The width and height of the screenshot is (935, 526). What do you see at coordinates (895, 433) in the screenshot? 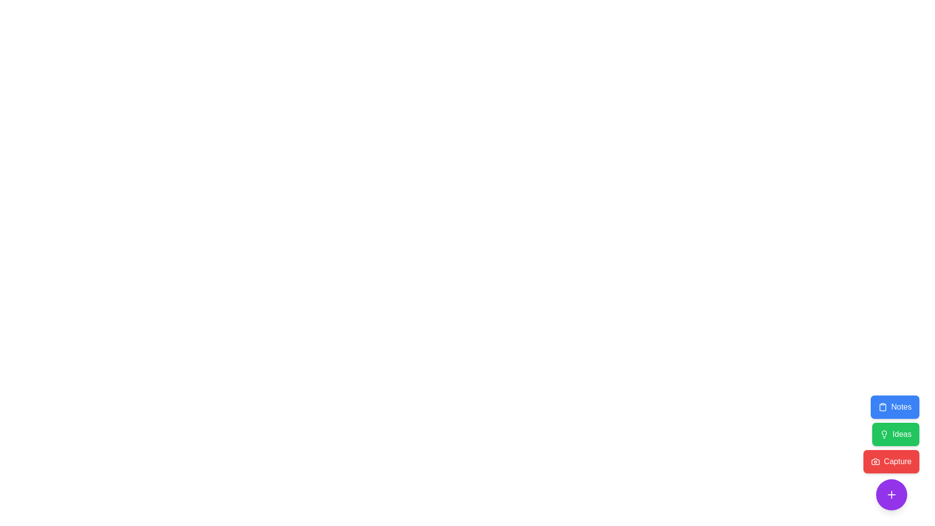
I see `the green rectangular button labeled 'Ideas', which is positioned between the 'Notes' button above and the 'Capture' button below, to receive potential visual feedback` at bounding box center [895, 433].